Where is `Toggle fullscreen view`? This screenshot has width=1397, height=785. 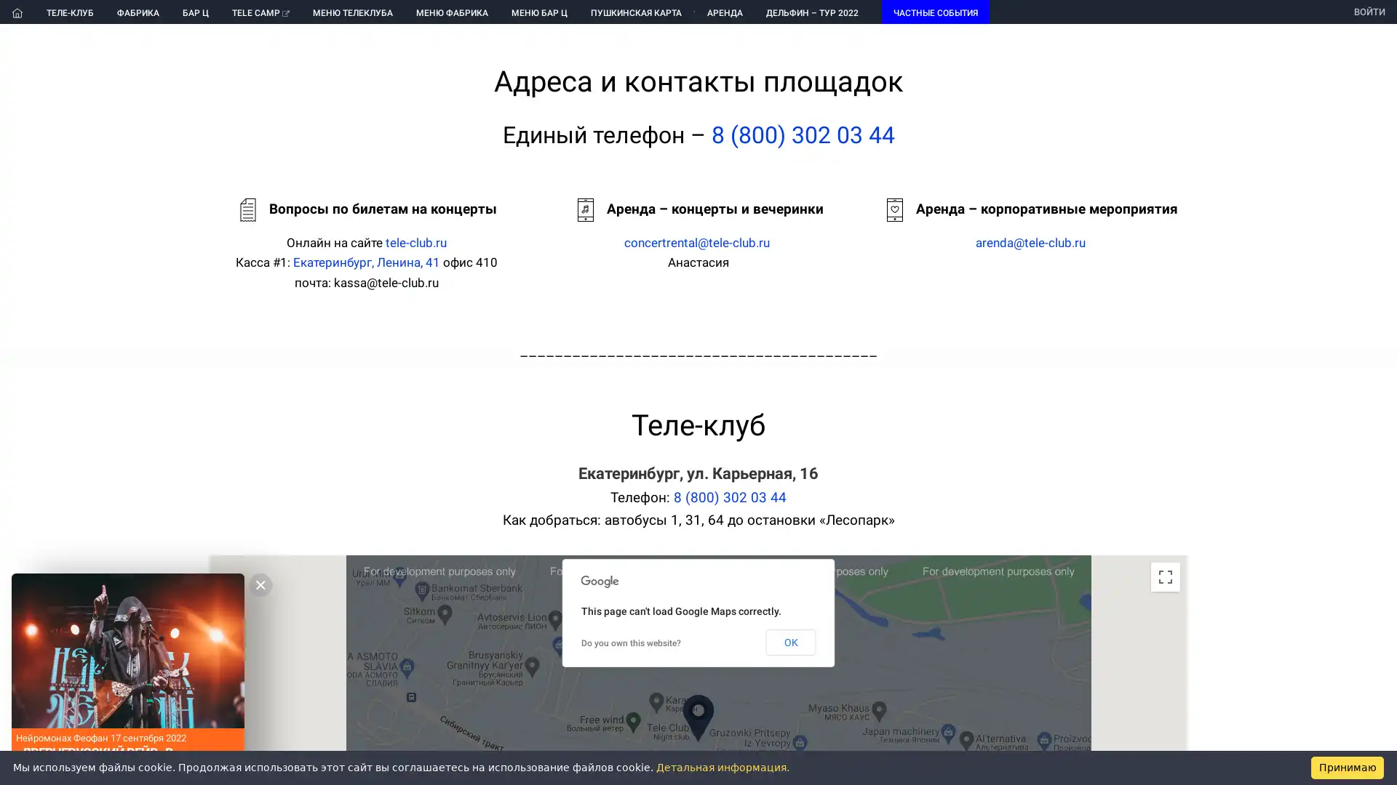 Toggle fullscreen view is located at coordinates (1166, 576).